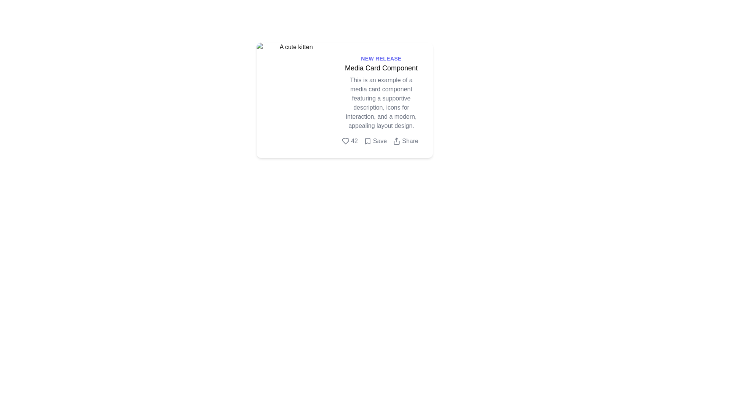 The width and height of the screenshot is (731, 411). What do you see at coordinates (345, 141) in the screenshot?
I see `the heart icon located at the bottom of the card-style component` at bounding box center [345, 141].